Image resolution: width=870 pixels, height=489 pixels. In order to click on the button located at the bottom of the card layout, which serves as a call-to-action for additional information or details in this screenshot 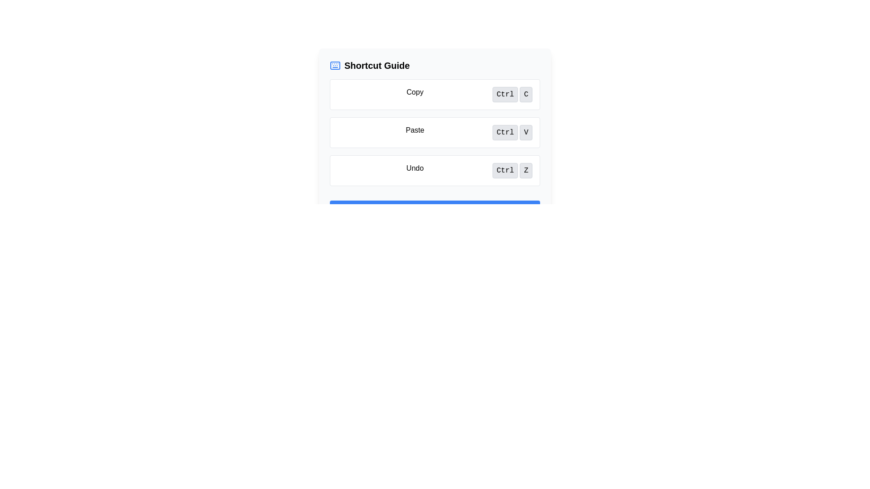, I will do `click(435, 209)`.